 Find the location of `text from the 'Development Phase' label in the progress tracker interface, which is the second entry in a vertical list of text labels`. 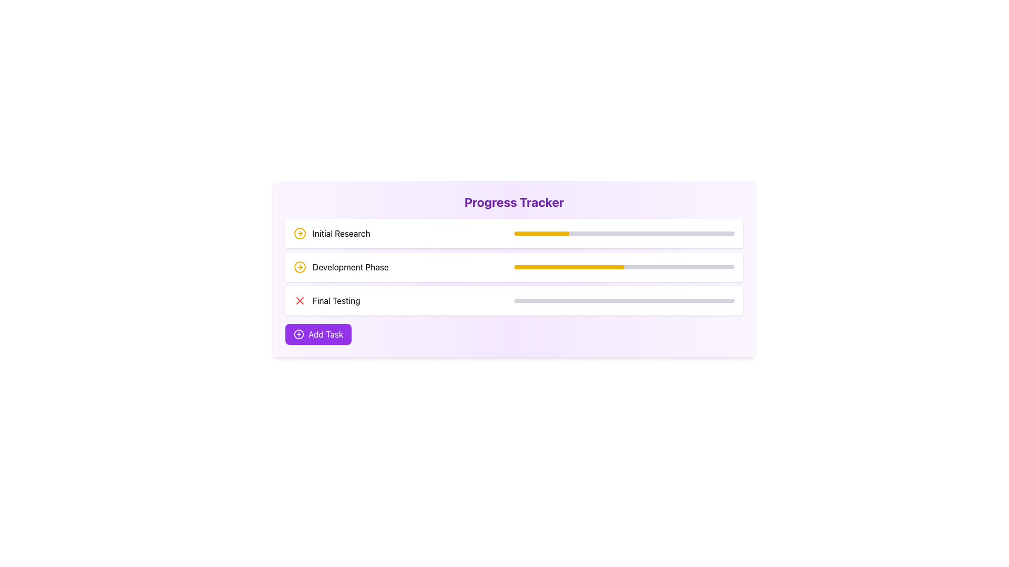

text from the 'Development Phase' label in the progress tracker interface, which is the second entry in a vertical list of text labels is located at coordinates (351, 267).